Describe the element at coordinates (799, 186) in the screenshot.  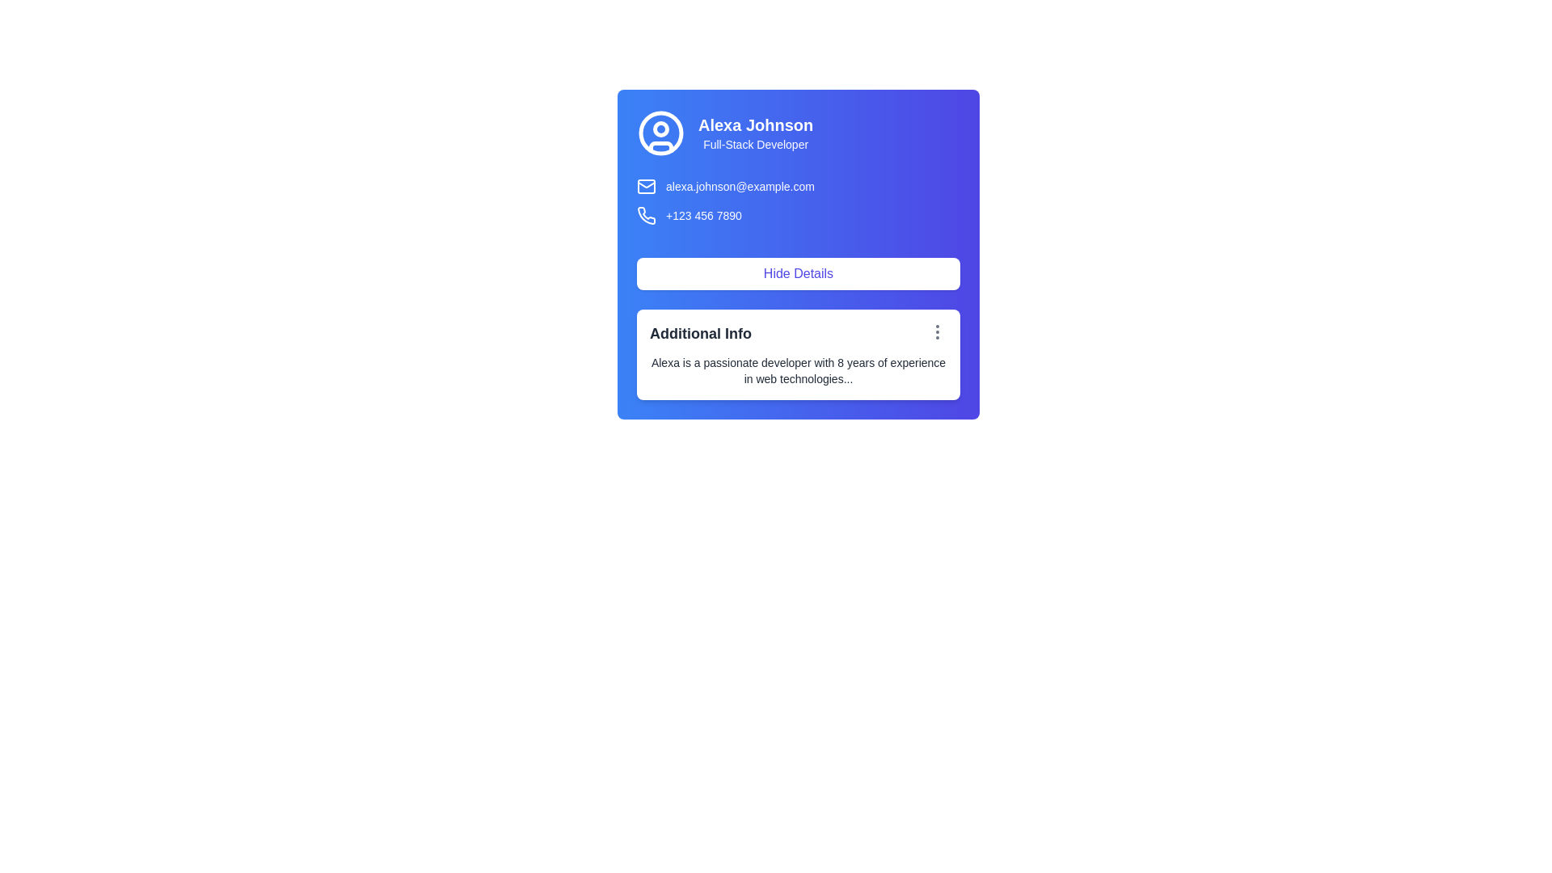
I see `the email entry element displaying 'alexa.johnson@example.com' with an envelope icon, located` at that location.